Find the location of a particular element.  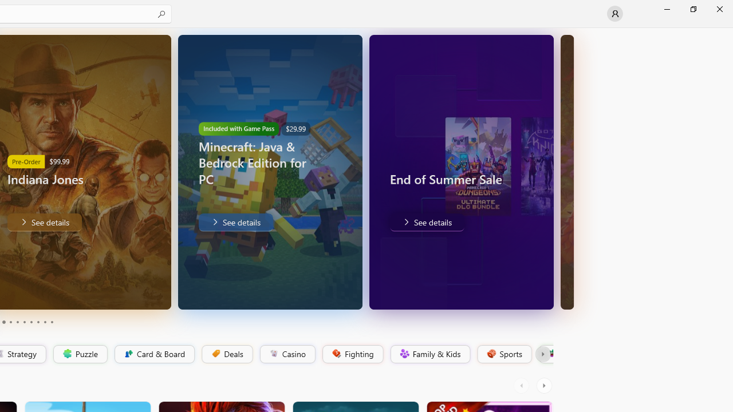

'Family & Kids' is located at coordinates (429, 354).